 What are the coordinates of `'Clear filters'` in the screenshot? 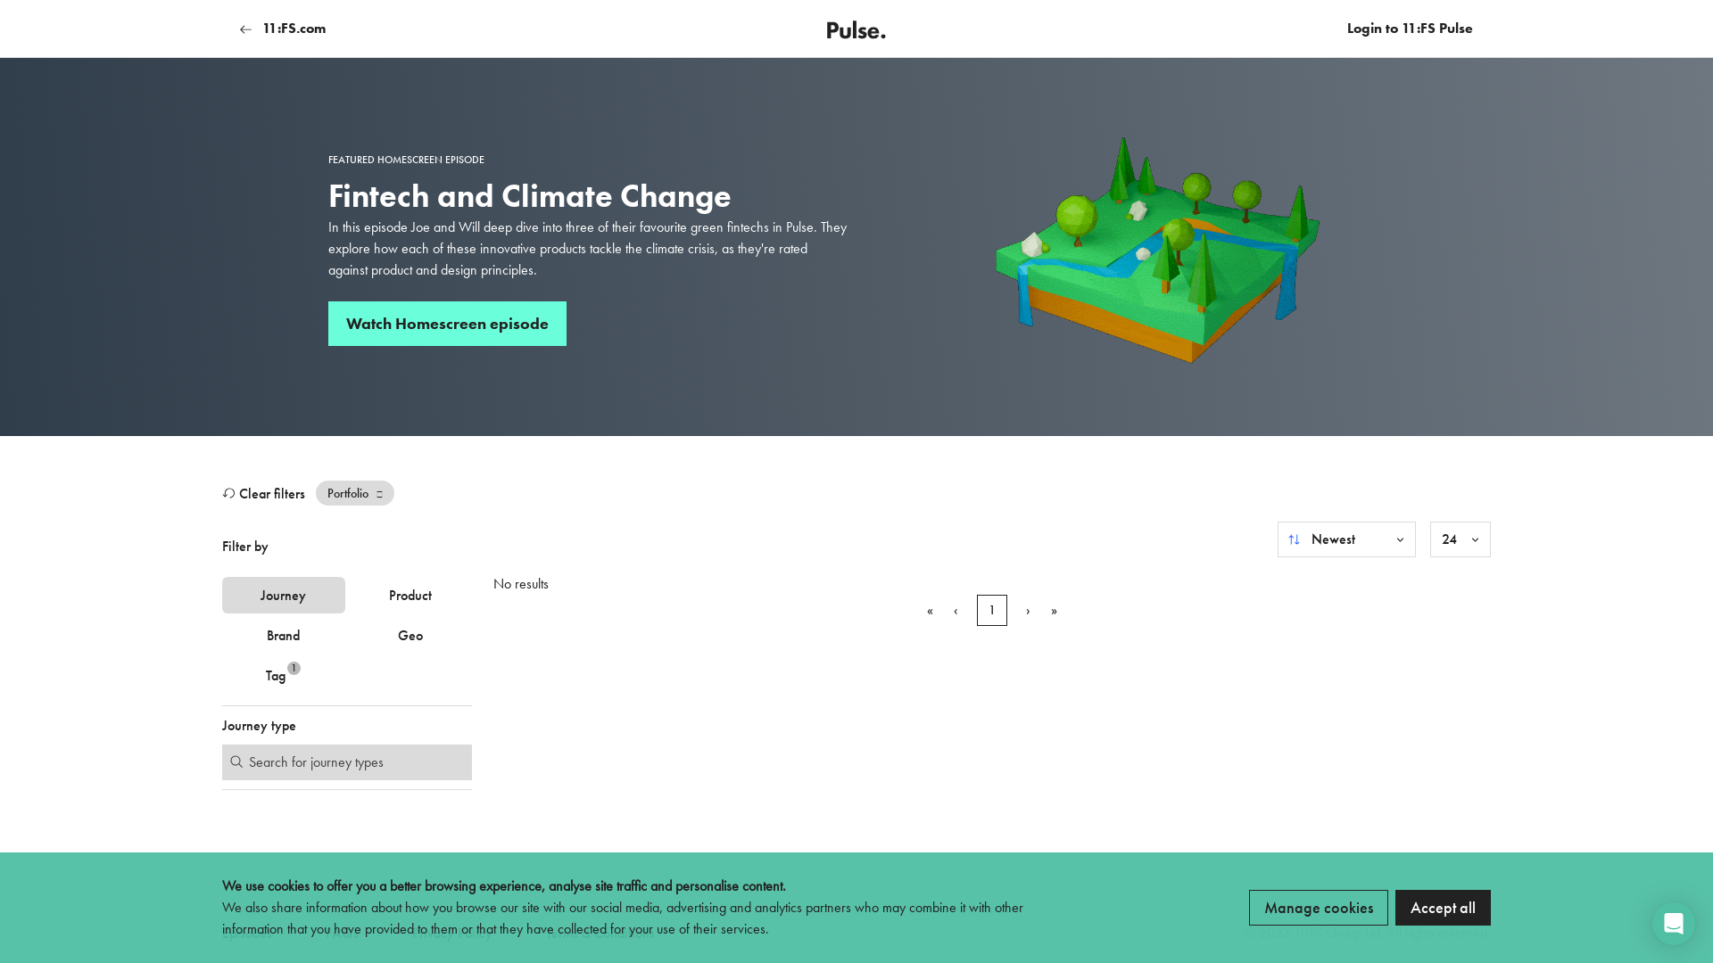 It's located at (262, 492).